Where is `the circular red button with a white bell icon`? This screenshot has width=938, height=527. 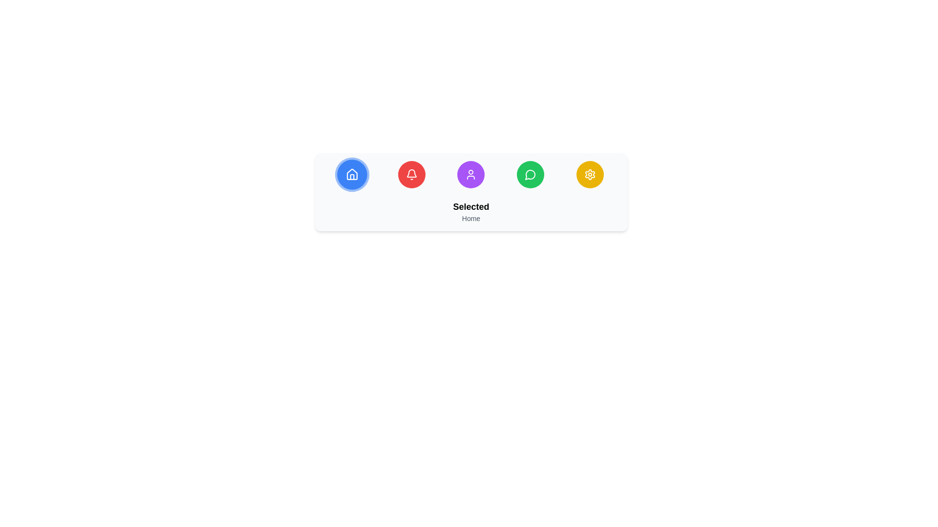 the circular red button with a white bell icon is located at coordinates (411, 174).